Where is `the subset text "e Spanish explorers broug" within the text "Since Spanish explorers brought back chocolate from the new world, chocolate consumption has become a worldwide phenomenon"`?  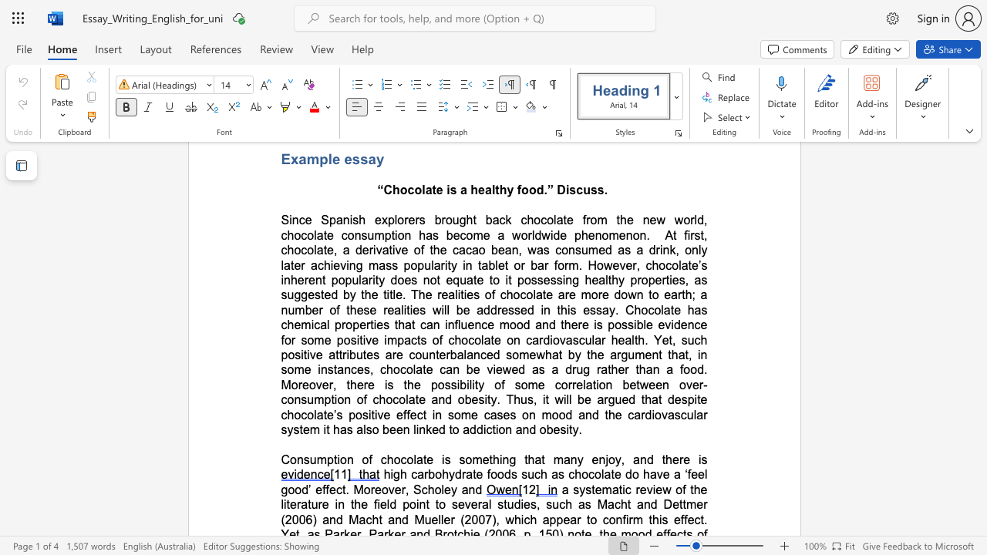 the subset text "e Spanish explorers broug" within the text "Since Spanish explorers brought back chocolate from the new world, chocolate consumption has become a worldwide phenomenon" is located at coordinates (305, 220).